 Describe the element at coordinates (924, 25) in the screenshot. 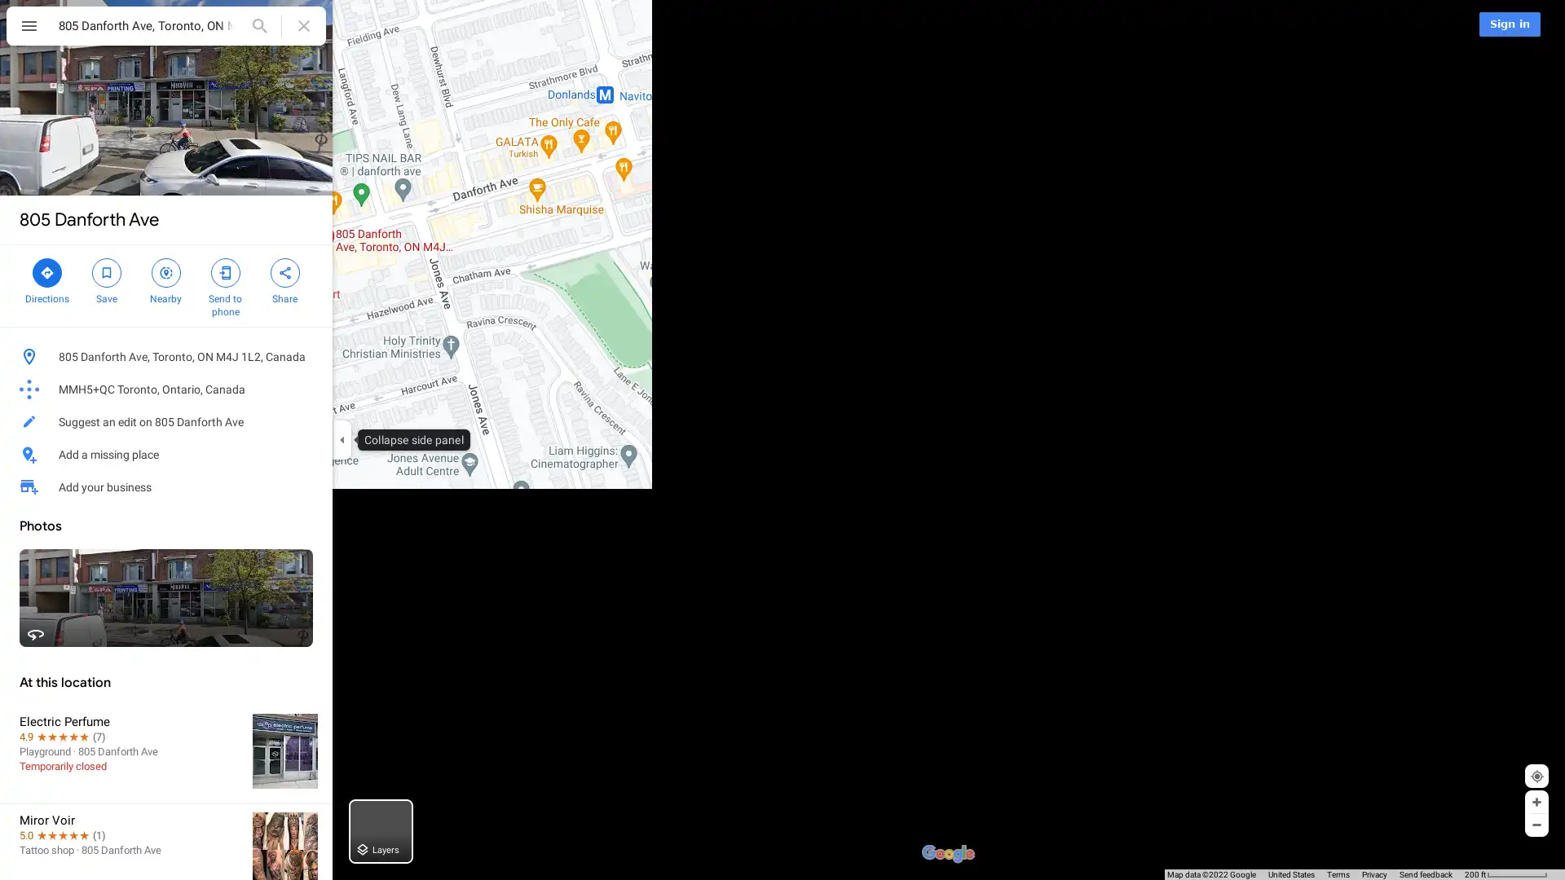

I see `ATMs` at that location.